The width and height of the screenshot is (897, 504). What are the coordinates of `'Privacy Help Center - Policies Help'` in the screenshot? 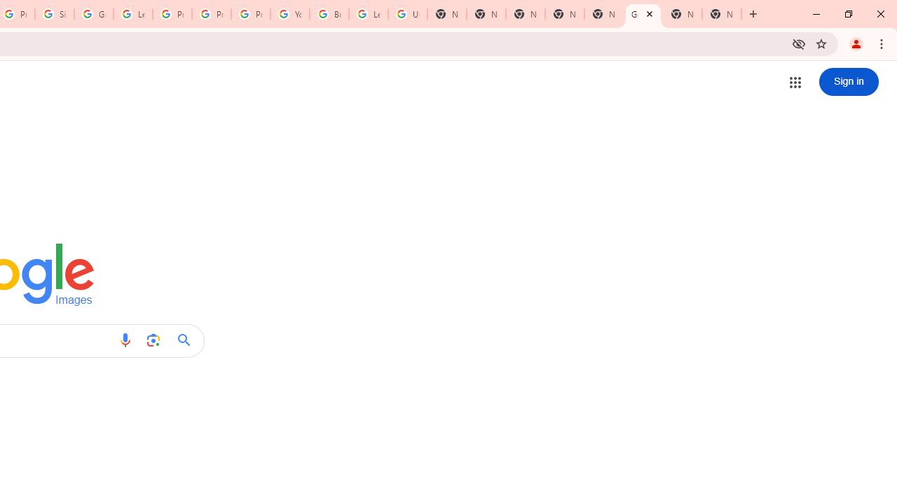 It's located at (171, 14).